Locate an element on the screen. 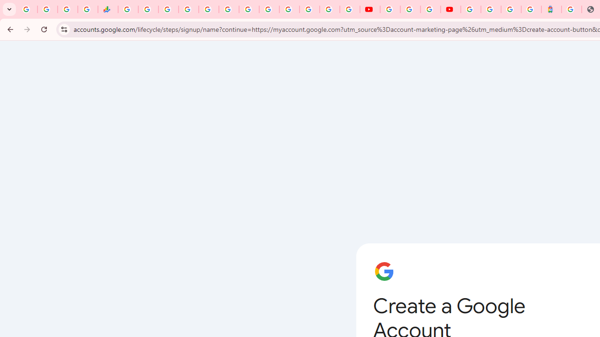 The image size is (600, 337). 'Android TV Policies and Guidelines - Transparency Center' is located at coordinates (249, 9).